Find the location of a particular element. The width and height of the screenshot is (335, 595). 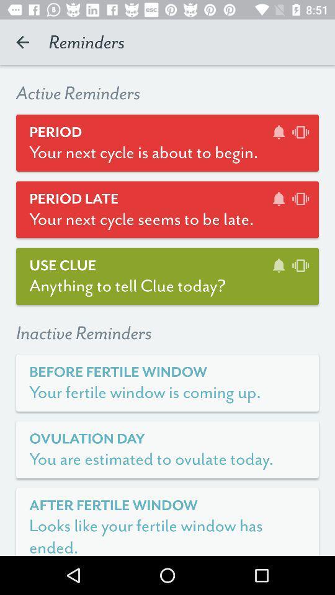

icon to the left of reminders icon is located at coordinates (22, 42).